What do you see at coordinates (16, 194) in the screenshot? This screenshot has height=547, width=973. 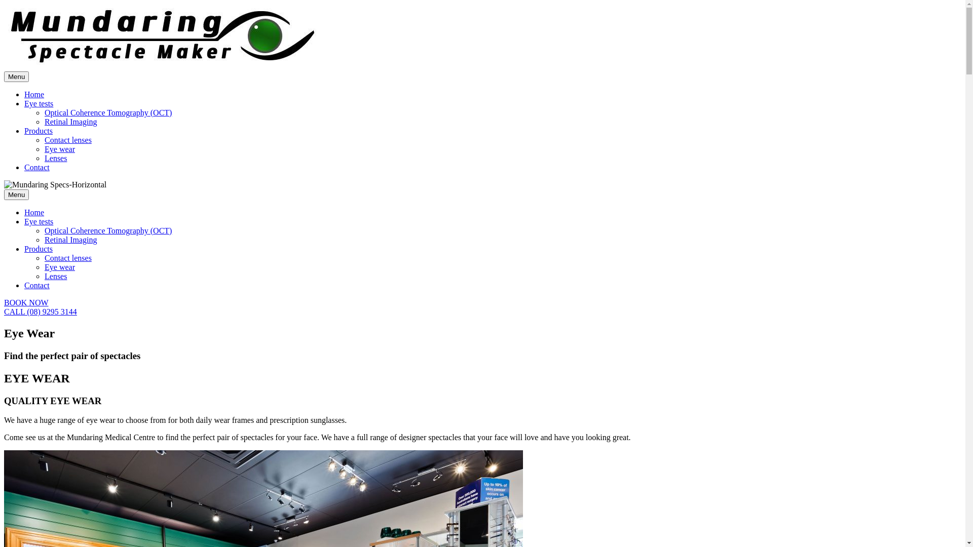 I see `'Menu'` at bounding box center [16, 194].